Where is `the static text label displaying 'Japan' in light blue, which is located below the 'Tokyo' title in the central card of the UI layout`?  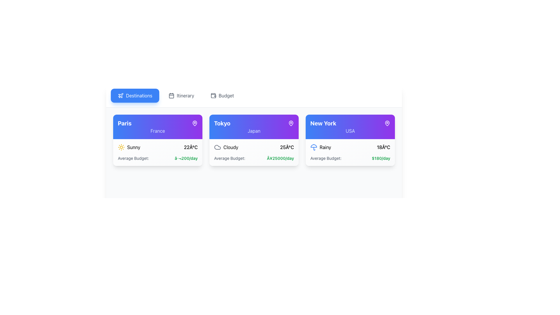
the static text label displaying 'Japan' in light blue, which is located below the 'Tokyo' title in the central card of the UI layout is located at coordinates (254, 130).